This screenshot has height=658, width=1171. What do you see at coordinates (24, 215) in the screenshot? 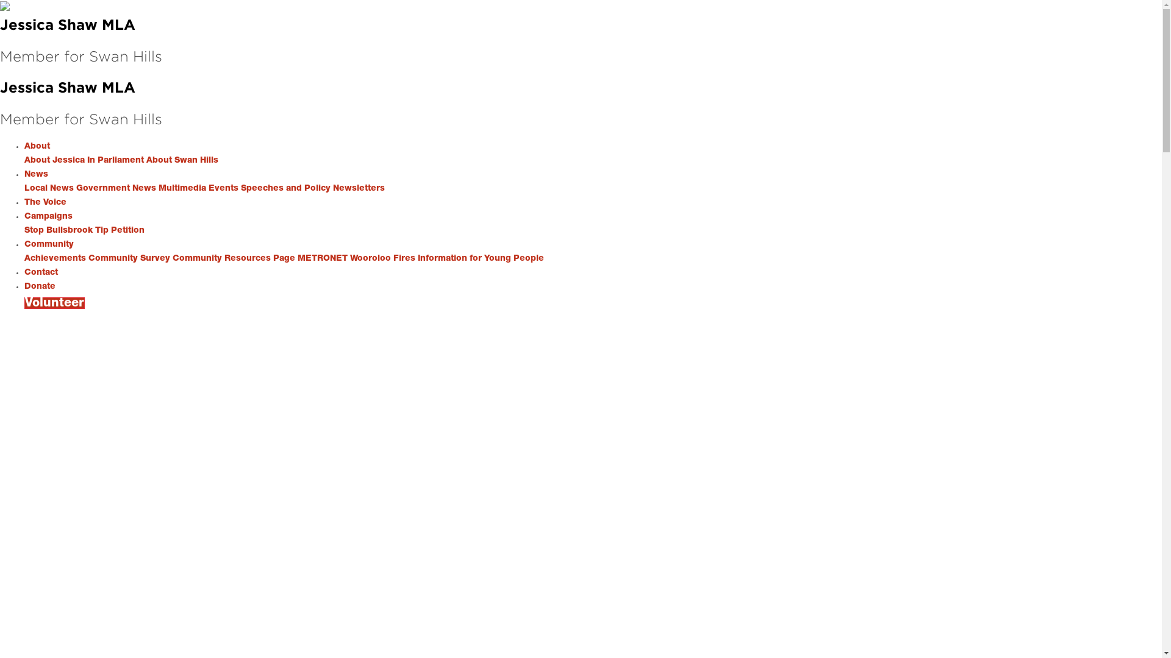
I see `'Campaigns'` at bounding box center [24, 215].